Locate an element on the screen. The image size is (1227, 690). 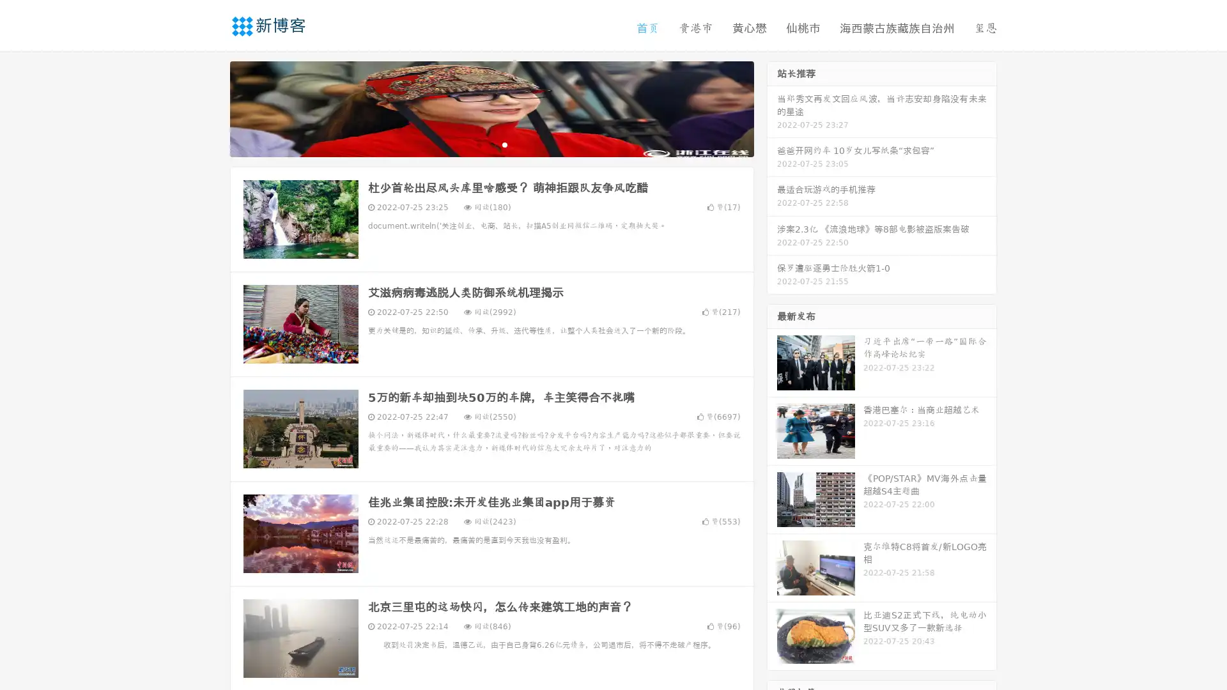
Go to slide 2 is located at coordinates (491, 144).